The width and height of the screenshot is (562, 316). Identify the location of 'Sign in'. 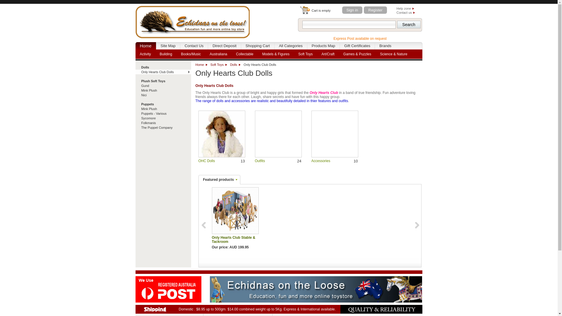
(352, 10).